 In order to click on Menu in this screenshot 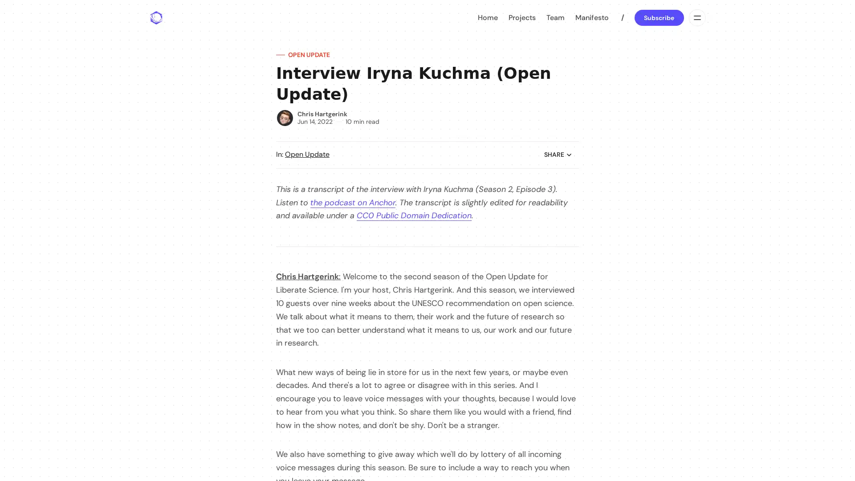, I will do `click(696, 17)`.